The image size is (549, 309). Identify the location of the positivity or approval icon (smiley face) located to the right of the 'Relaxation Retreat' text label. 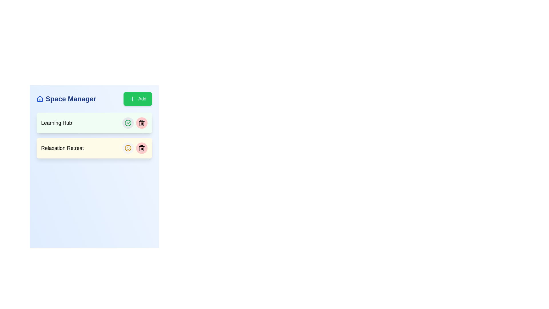
(128, 148).